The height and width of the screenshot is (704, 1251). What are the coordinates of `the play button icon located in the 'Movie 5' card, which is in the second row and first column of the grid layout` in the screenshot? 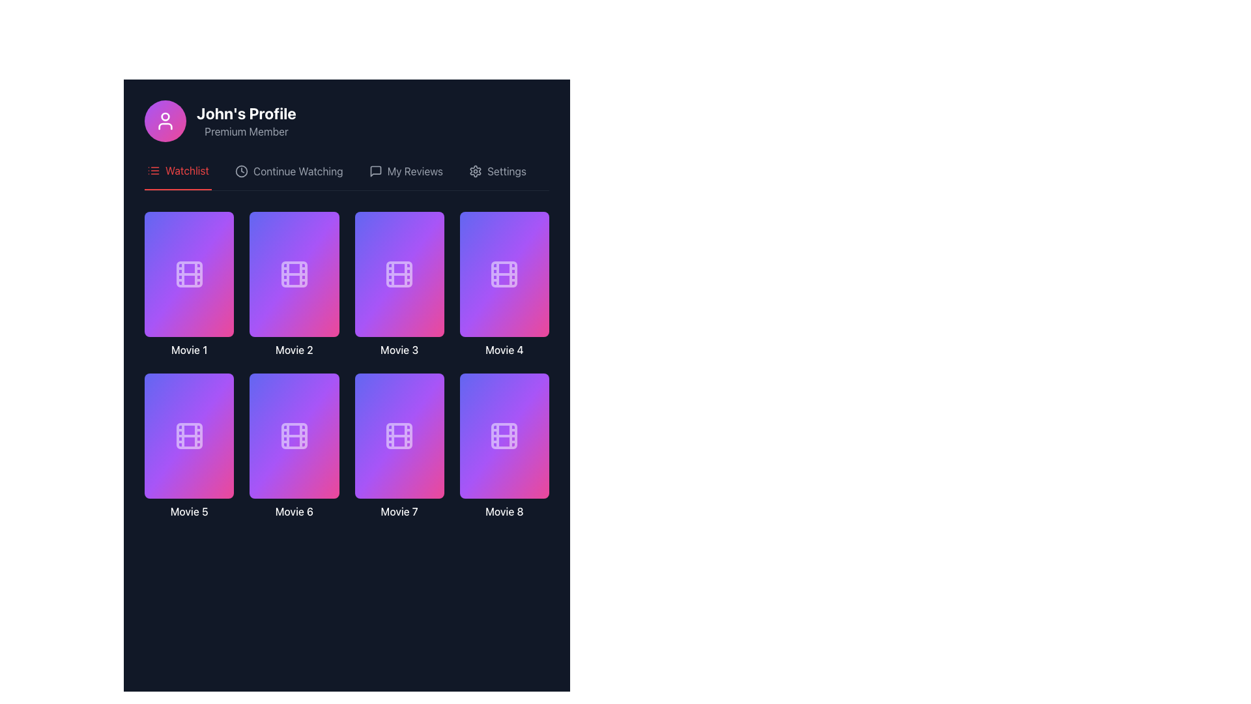 It's located at (189, 430).